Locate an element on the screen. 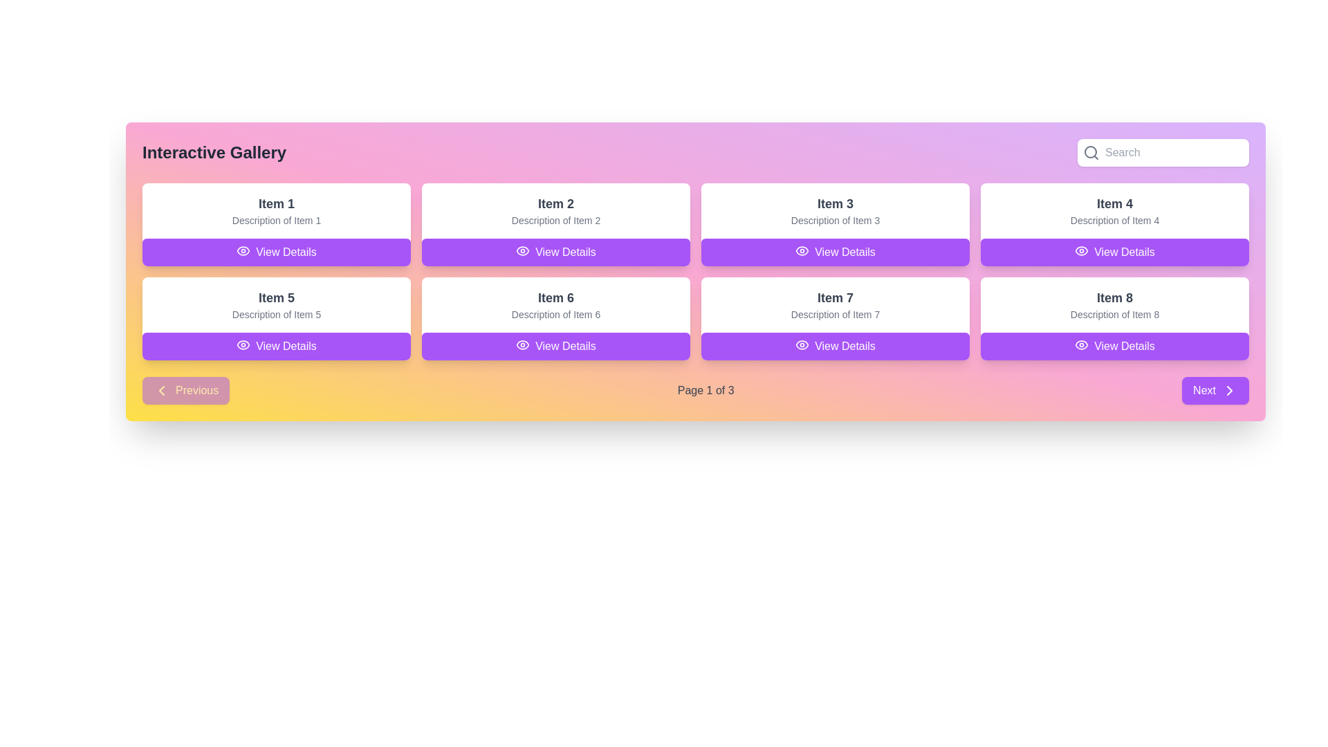 This screenshot has width=1328, height=747. title and description of the Informational card displaying details about 'Item 6', located in the second row and second column of the grid layout is located at coordinates (556, 319).